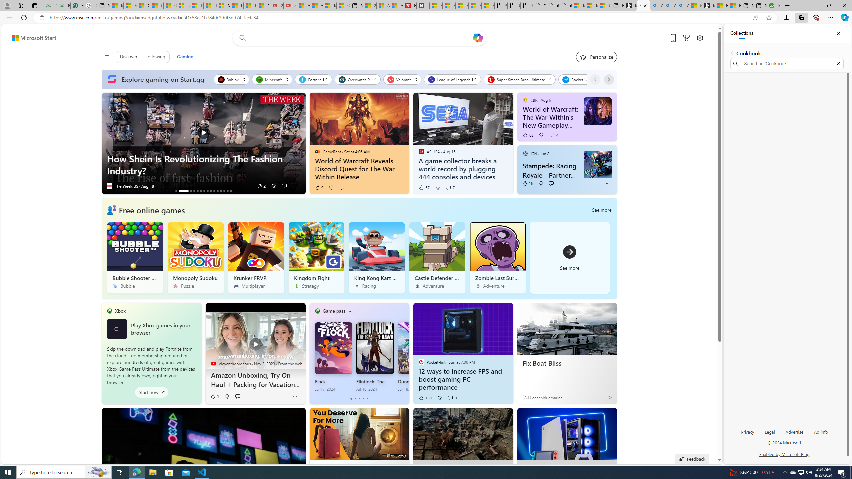  I want to click on 'Bubble Shooter HD', so click(134, 257).